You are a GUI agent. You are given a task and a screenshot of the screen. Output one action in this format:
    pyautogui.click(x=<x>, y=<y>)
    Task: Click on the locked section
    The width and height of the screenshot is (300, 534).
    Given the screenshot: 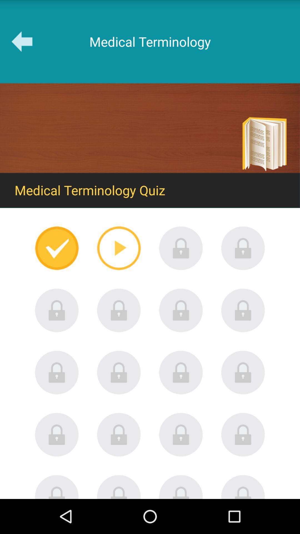 What is the action you would take?
    pyautogui.click(x=119, y=310)
    